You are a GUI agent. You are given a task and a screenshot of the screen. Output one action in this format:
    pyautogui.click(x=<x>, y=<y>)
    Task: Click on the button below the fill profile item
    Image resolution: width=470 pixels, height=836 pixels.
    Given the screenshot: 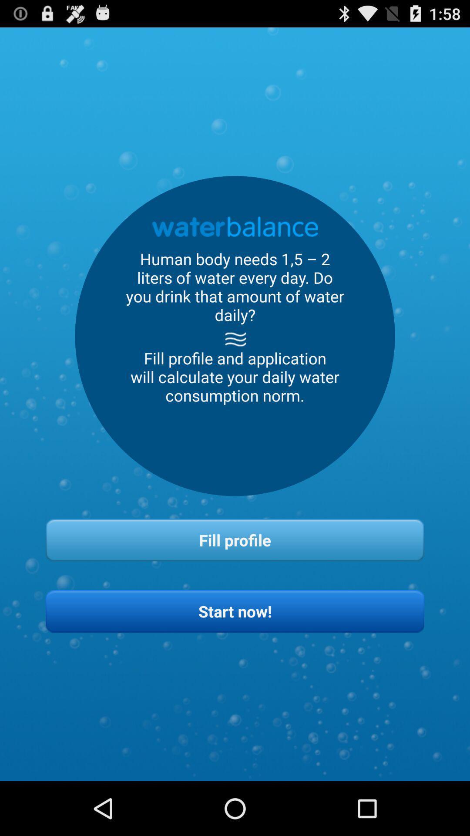 What is the action you would take?
    pyautogui.click(x=235, y=610)
    